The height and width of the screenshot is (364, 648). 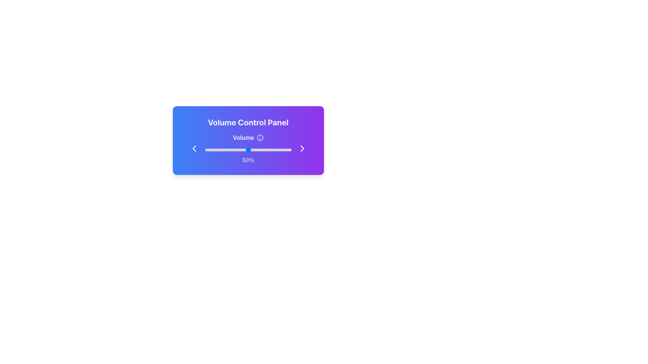 I want to click on the volume level, so click(x=215, y=149).